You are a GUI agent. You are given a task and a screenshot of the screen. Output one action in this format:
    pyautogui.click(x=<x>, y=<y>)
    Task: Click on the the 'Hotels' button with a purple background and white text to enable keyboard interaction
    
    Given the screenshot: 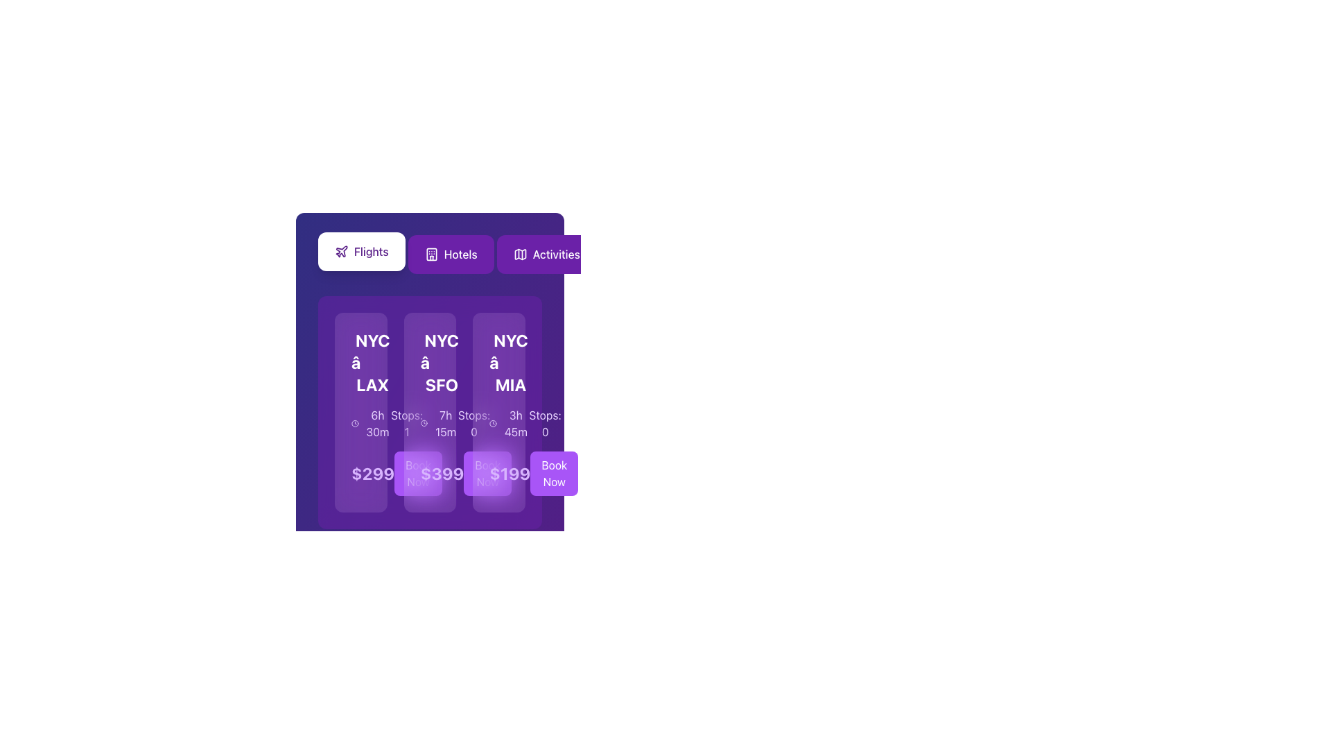 What is the action you would take?
    pyautogui.click(x=451, y=254)
    